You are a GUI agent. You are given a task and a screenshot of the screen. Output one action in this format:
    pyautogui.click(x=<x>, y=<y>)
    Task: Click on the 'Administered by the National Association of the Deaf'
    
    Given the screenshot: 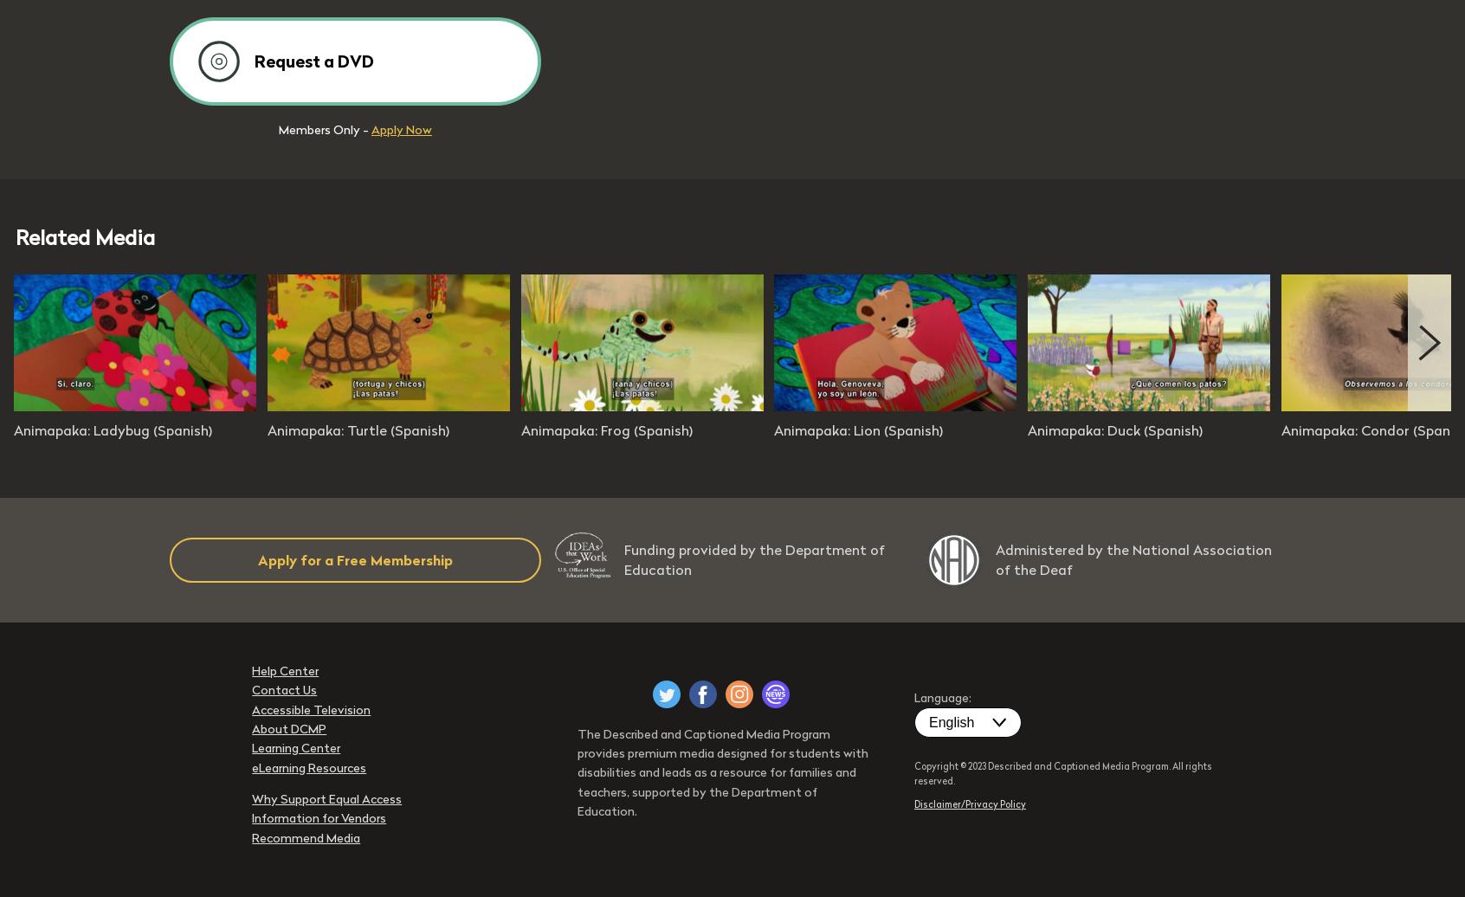 What is the action you would take?
    pyautogui.click(x=1133, y=559)
    